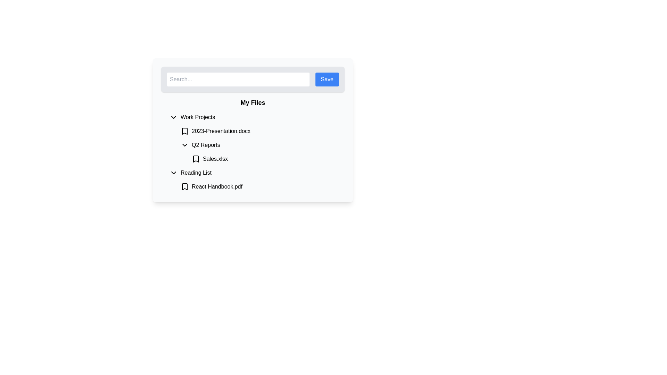  I want to click on the text label displaying the file name 'Sales.xlsx', so click(215, 159).